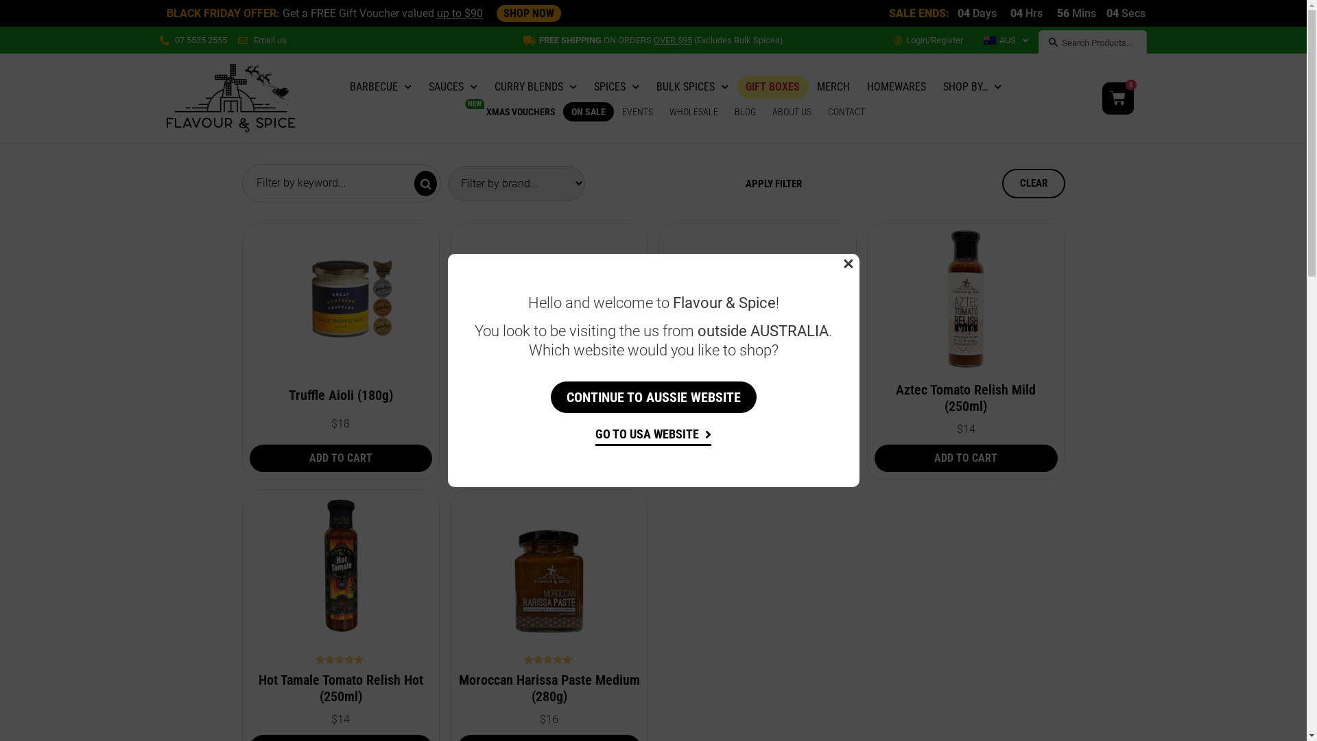  I want to click on 'SHOP NOW', so click(528, 13).